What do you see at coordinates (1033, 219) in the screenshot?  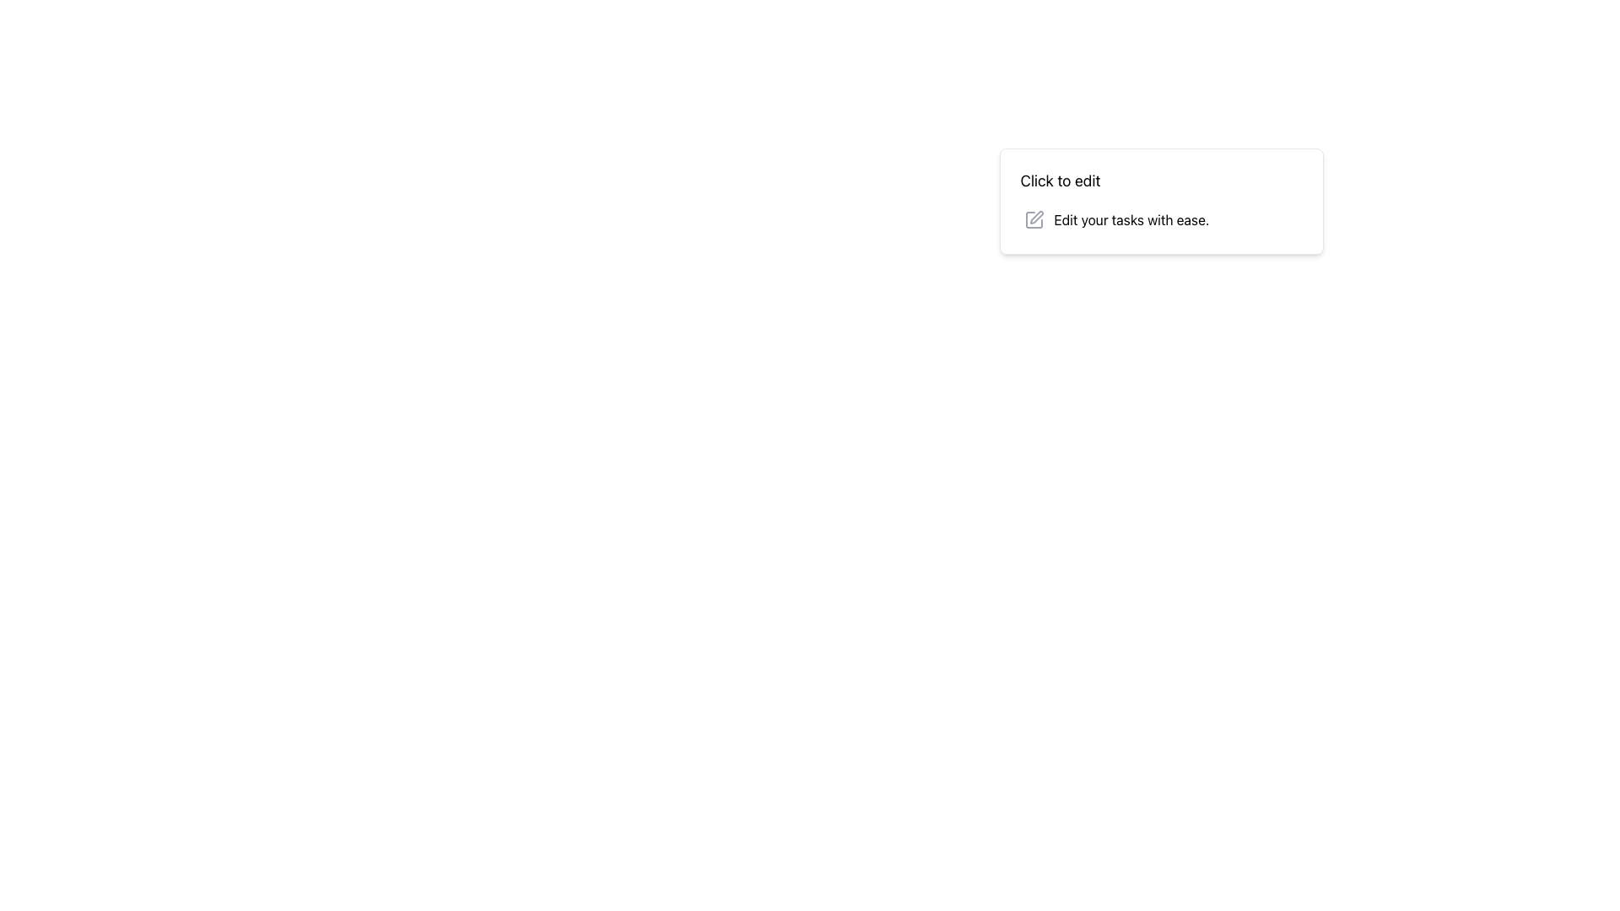 I see `the edit icon located to the left of the text 'Edit your tasks with ease.' within the top-right section of the main interface` at bounding box center [1033, 219].